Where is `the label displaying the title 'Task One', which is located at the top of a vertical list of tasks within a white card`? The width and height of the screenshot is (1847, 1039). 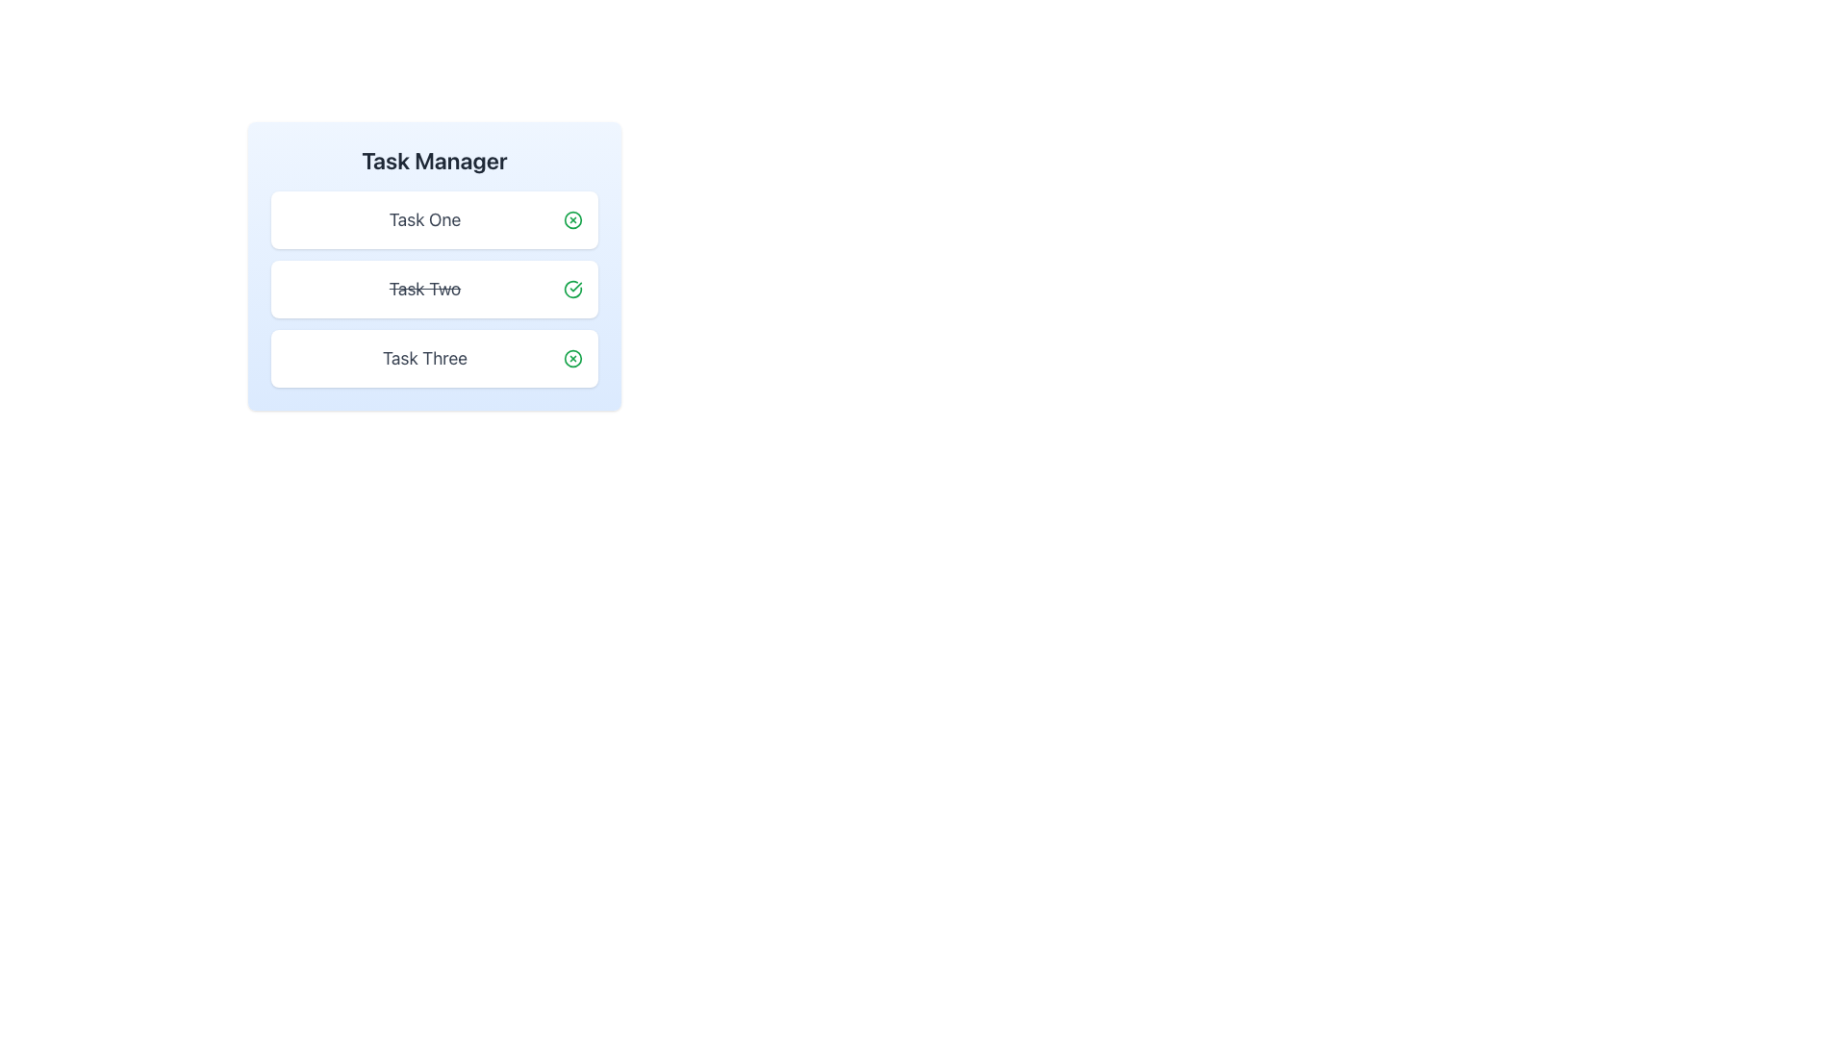
the label displaying the title 'Task One', which is located at the top of a vertical list of tasks within a white card is located at coordinates (423, 218).